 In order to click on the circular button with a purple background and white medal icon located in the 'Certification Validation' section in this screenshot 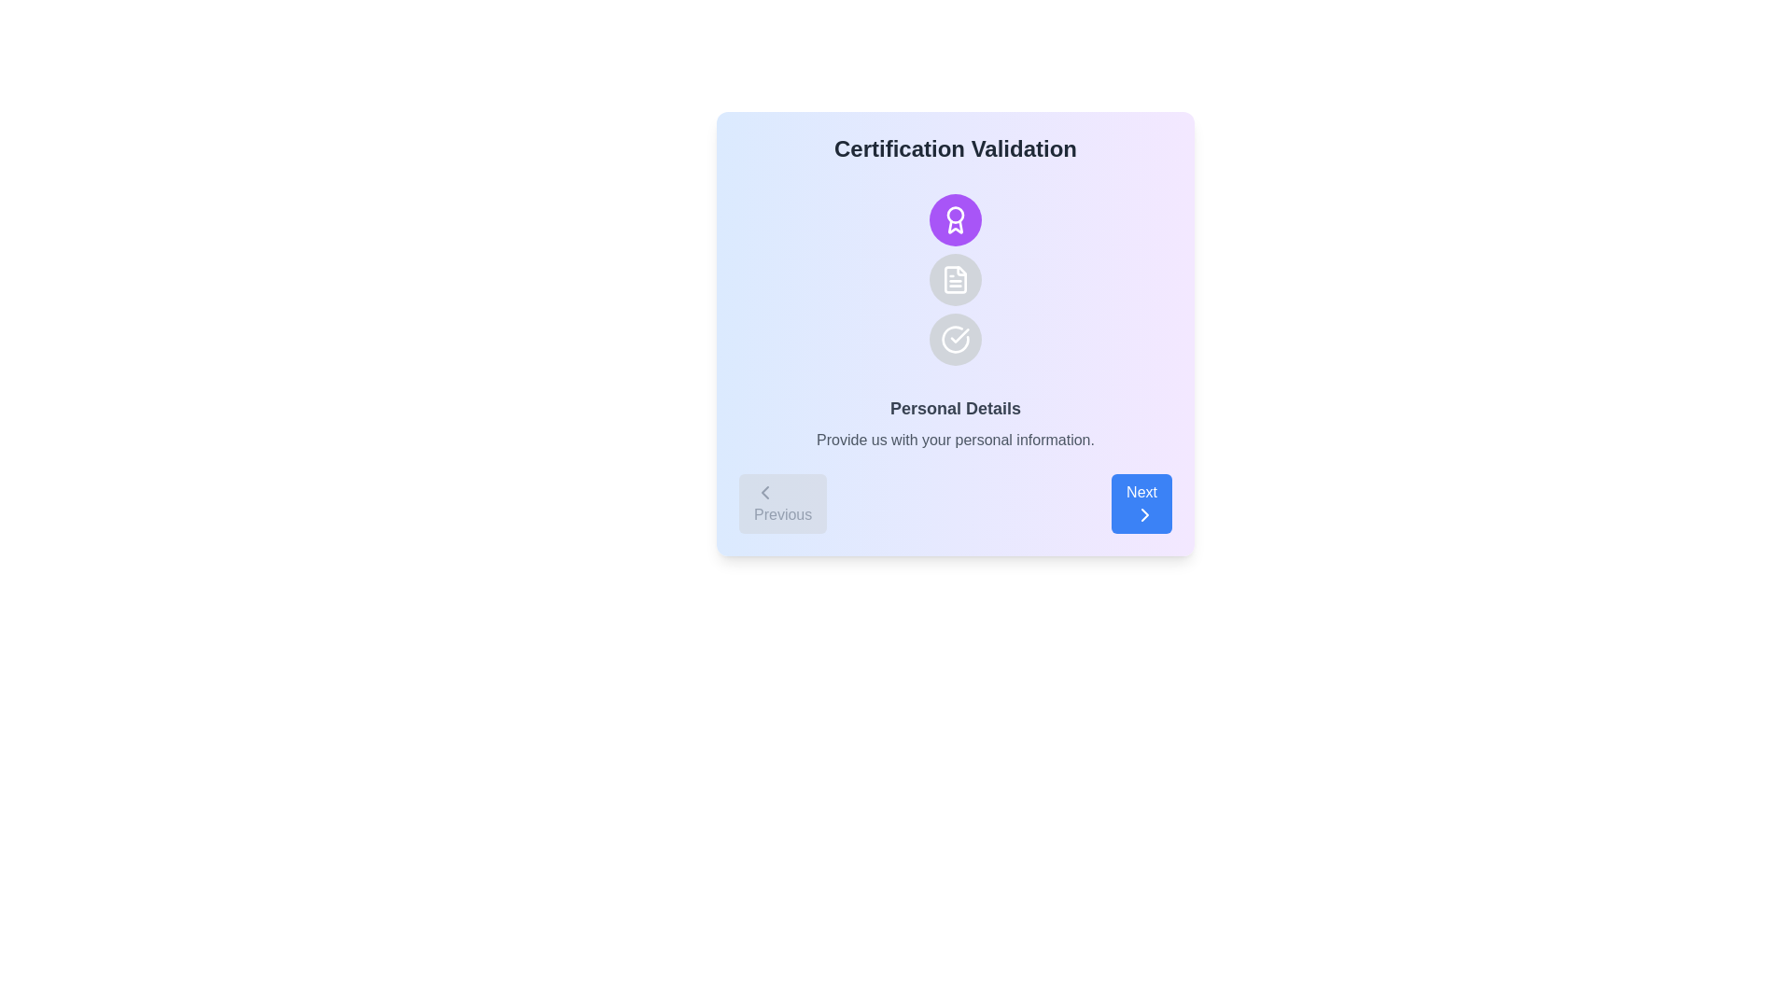, I will do `click(955, 218)`.